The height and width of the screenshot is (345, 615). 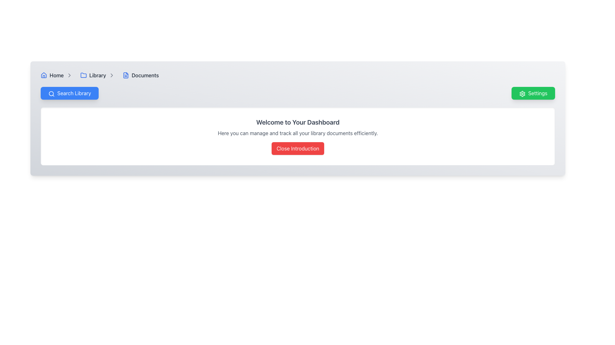 I want to click on the right-pointing chevron icon adjacent to the 'Library' text in the breadcrumb navigation component, so click(x=112, y=75).